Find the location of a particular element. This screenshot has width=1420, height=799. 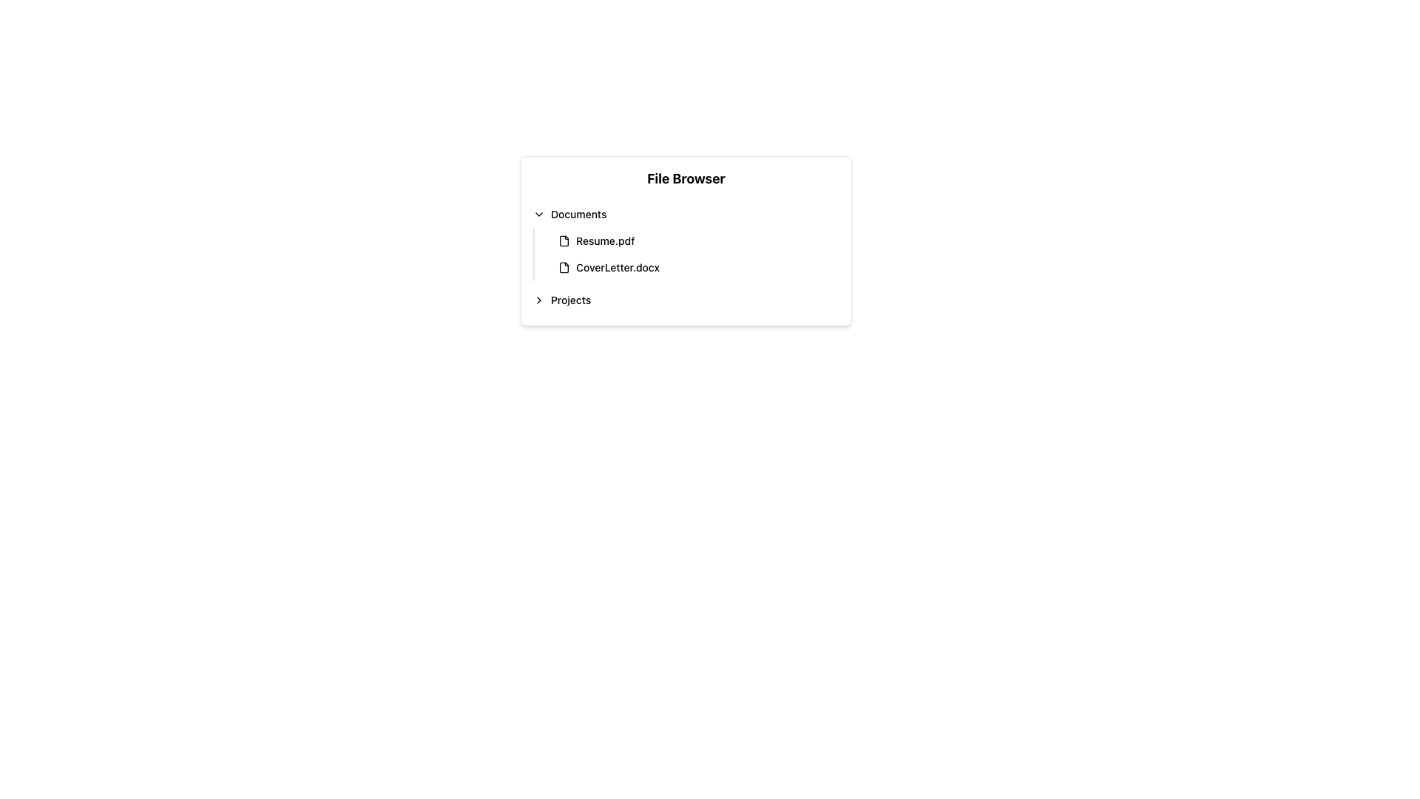

the text label displaying the file name 'CoverLetter.docx' is located at coordinates (618, 268).